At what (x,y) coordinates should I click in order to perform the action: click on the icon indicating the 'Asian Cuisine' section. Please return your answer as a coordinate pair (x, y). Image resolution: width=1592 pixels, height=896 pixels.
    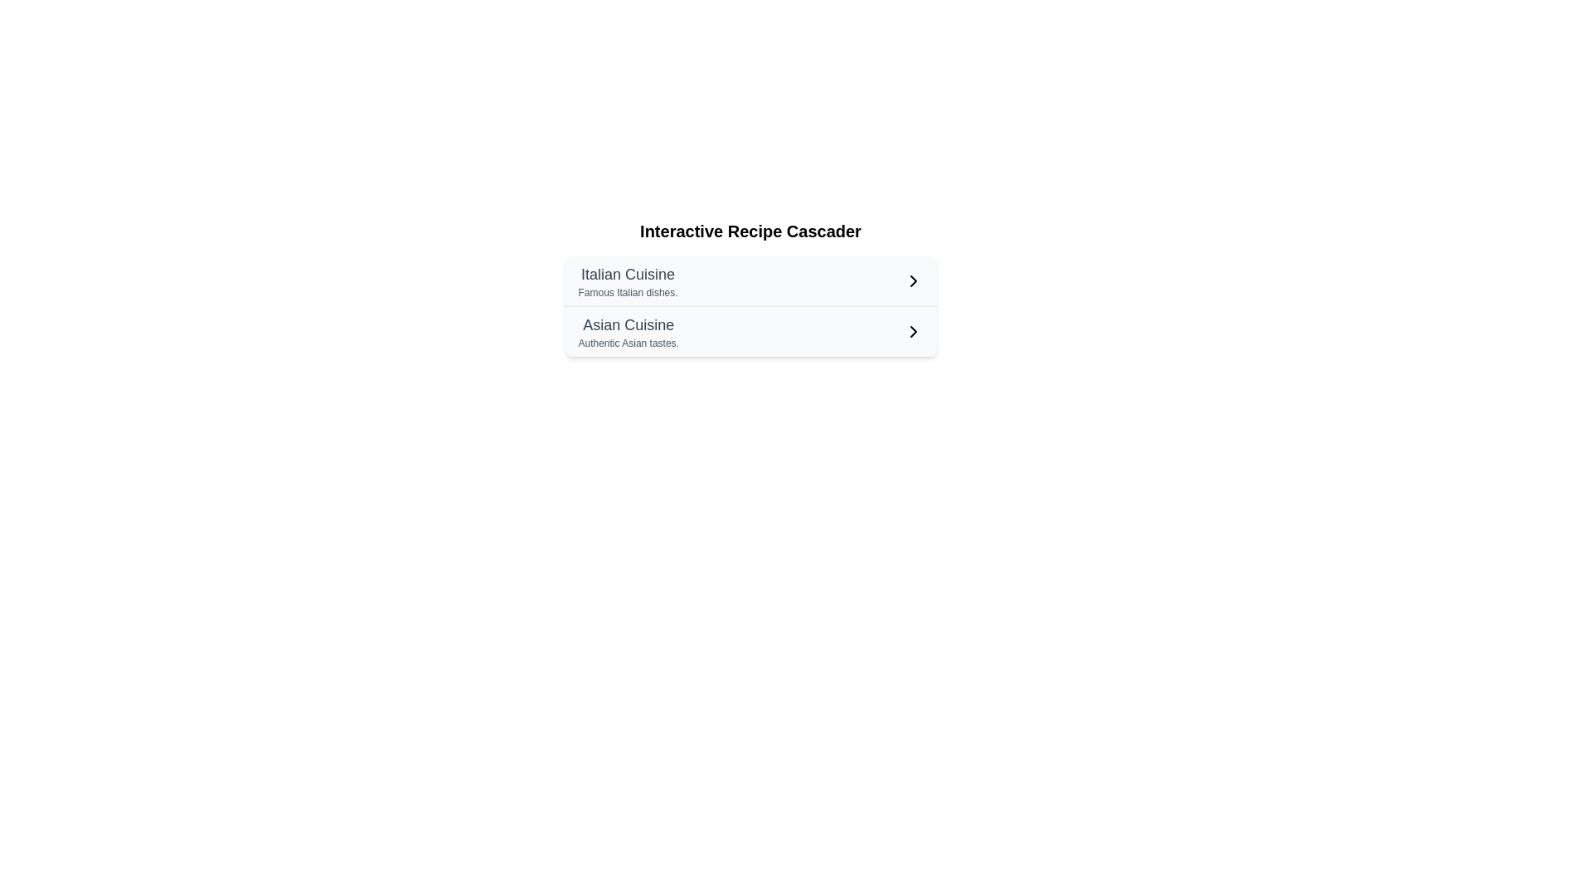
    Looking at the image, I should click on (912, 332).